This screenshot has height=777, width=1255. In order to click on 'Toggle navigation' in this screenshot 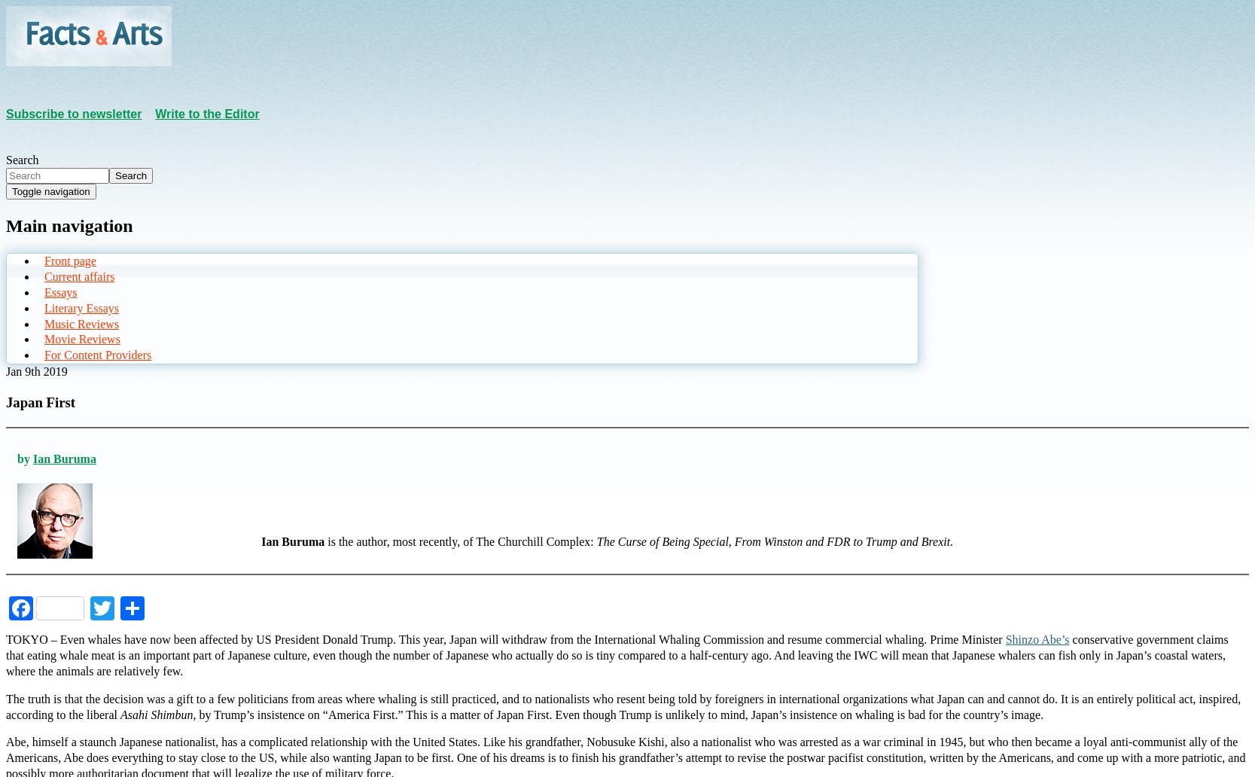, I will do `click(50, 190)`.